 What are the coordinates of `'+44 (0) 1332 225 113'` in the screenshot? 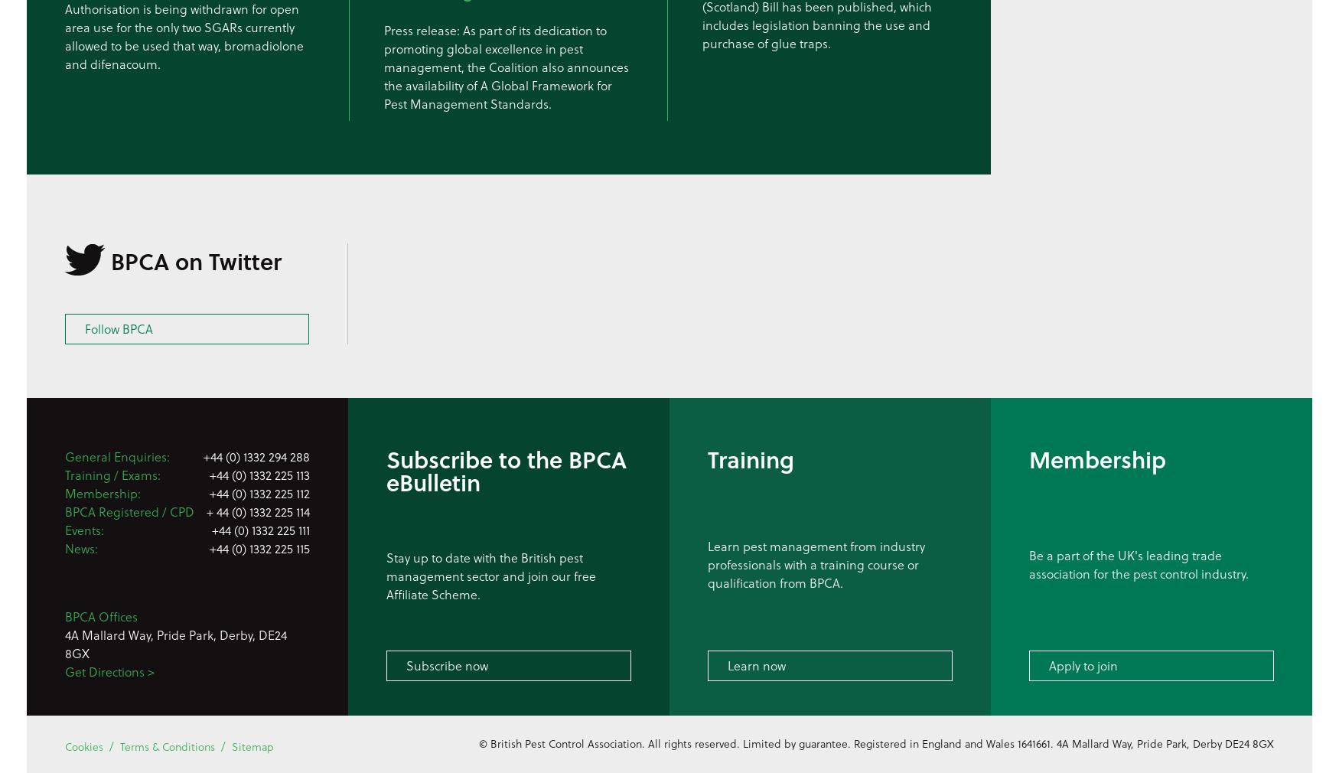 It's located at (259, 474).